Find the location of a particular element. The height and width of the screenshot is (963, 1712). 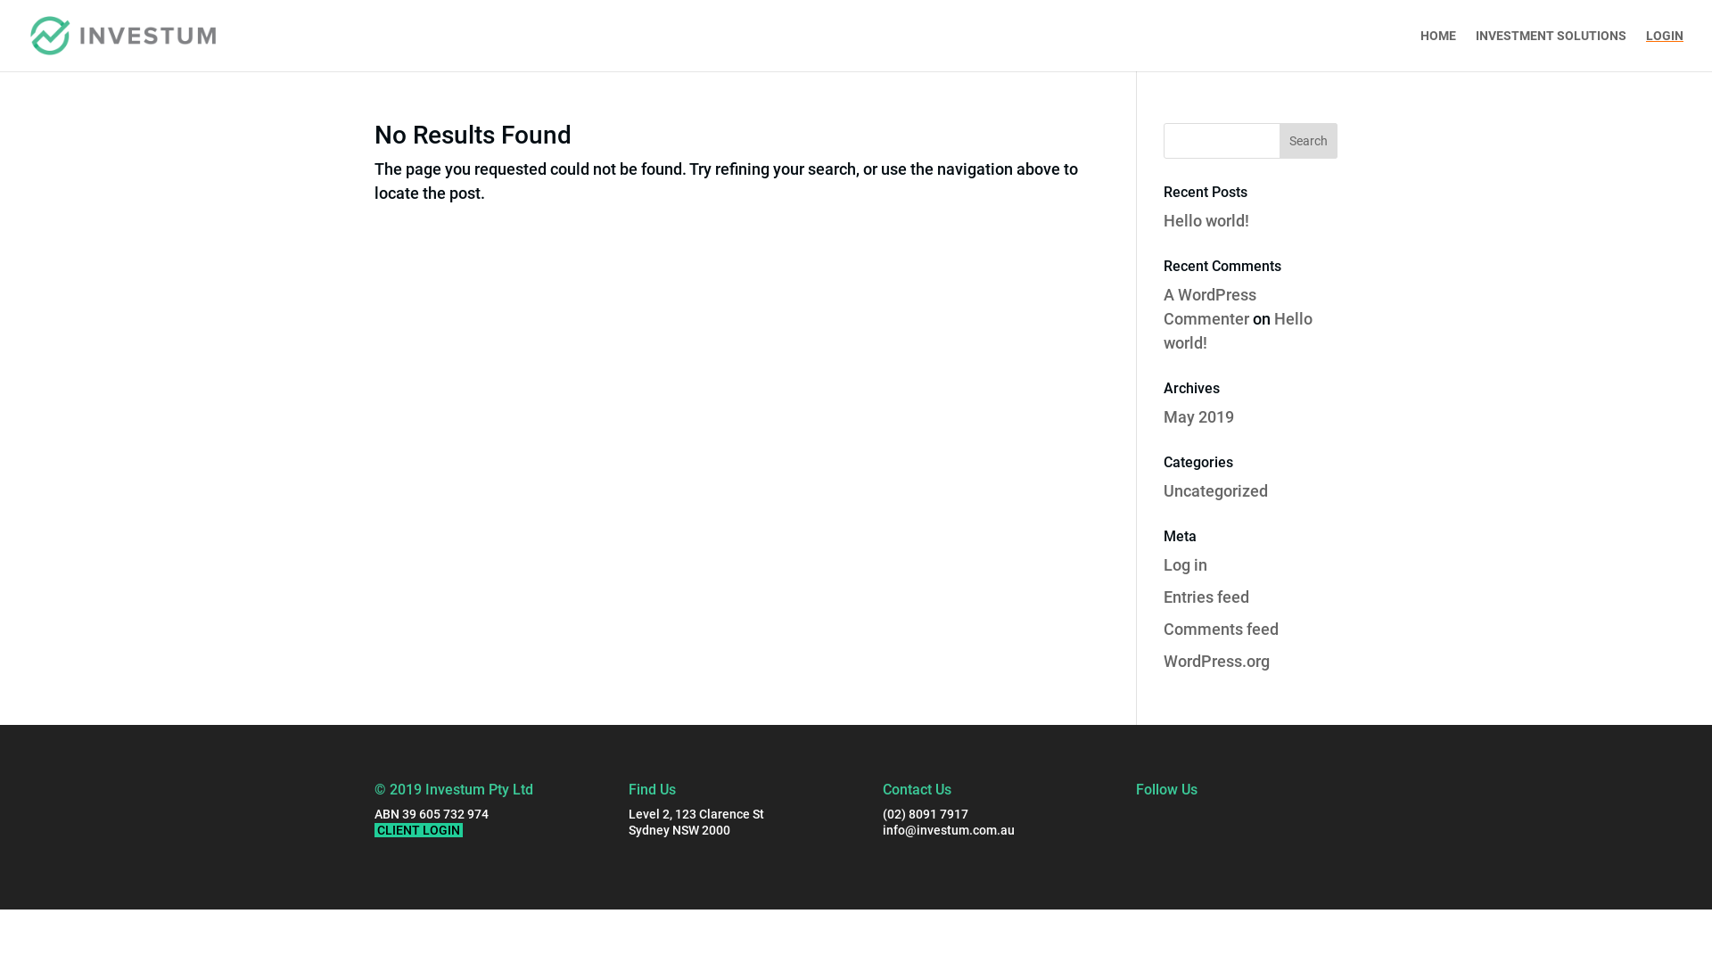

'WordPress.org' is located at coordinates (1215, 661).